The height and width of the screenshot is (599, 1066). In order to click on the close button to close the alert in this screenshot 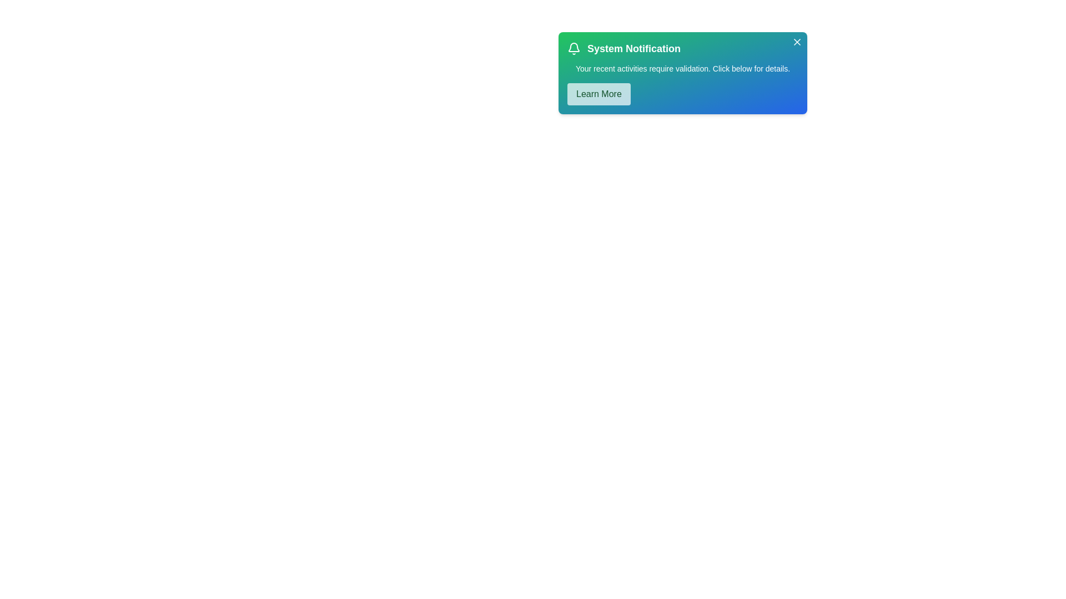, I will do `click(796, 42)`.